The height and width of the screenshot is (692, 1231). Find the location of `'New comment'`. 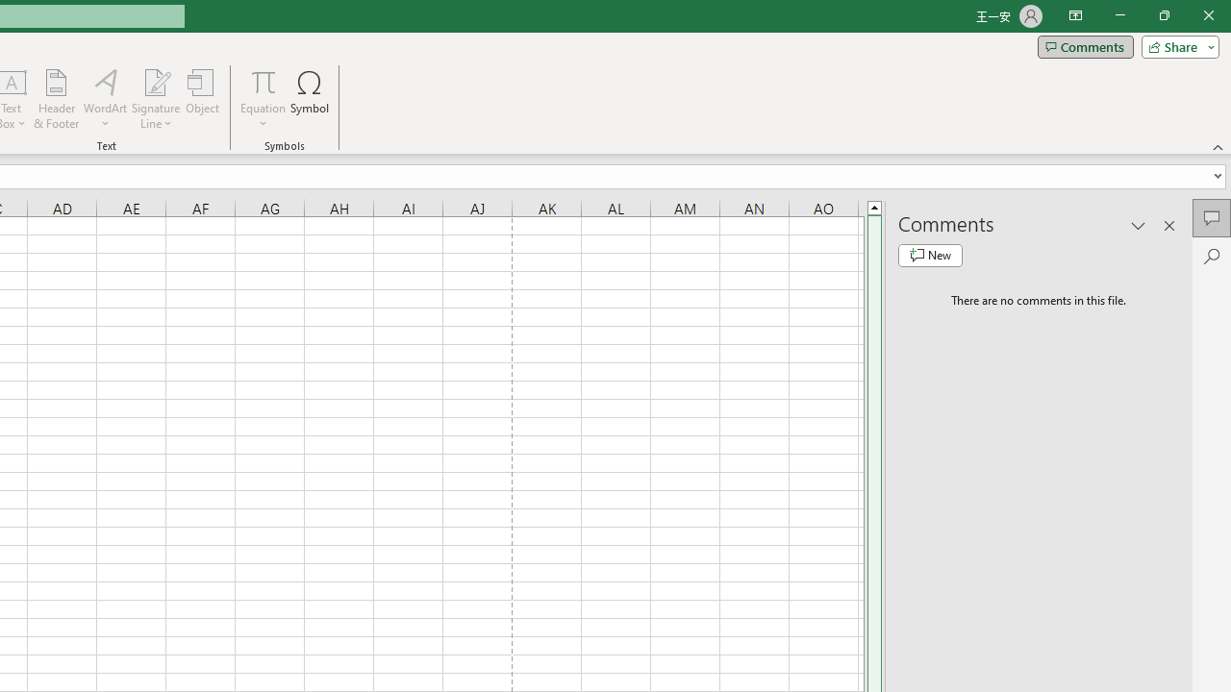

'New comment' is located at coordinates (930, 255).